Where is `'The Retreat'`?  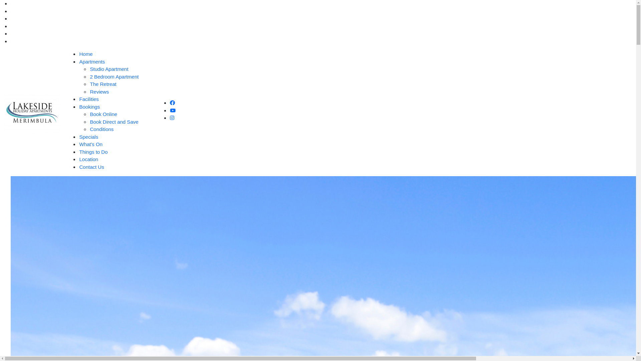
'The Retreat' is located at coordinates (102, 84).